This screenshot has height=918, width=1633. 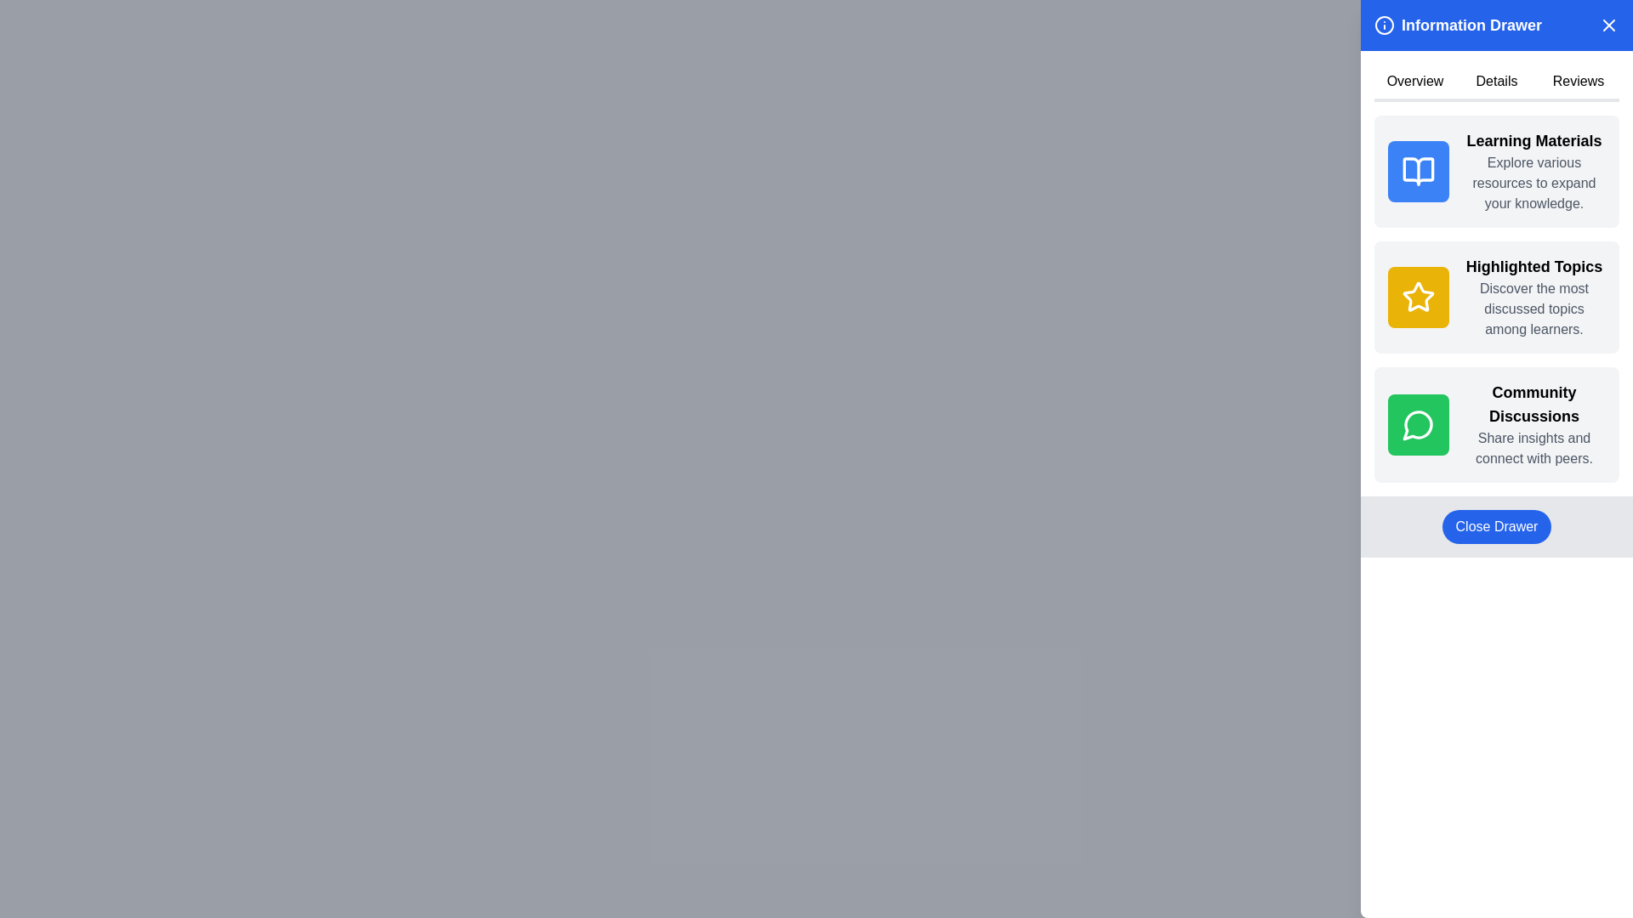 What do you see at coordinates (1607, 25) in the screenshot?
I see `the close button located on the far right end of the blue header bar` at bounding box center [1607, 25].